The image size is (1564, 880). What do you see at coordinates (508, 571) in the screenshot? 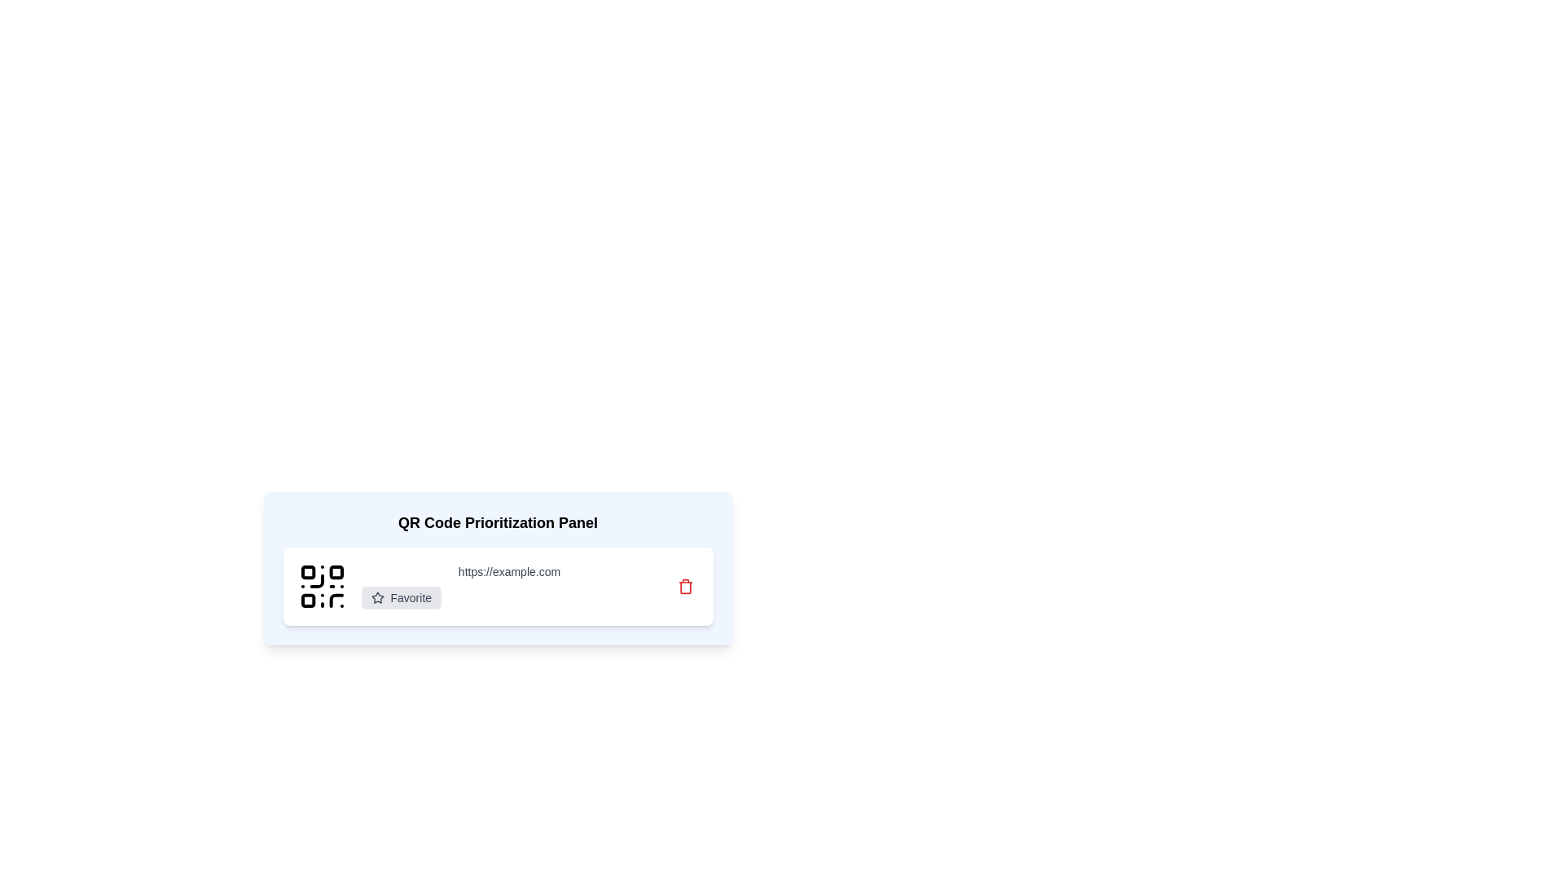
I see `the hyperlink text link element that provides users with the ability to view or interact with the URL information, located to the right of a QR code icon and above a 'Favorite' button` at bounding box center [508, 571].